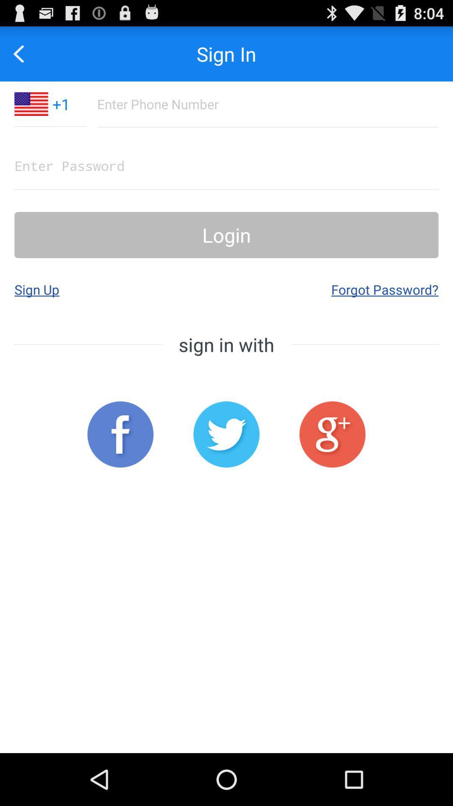 Image resolution: width=453 pixels, height=806 pixels. What do you see at coordinates (226, 434) in the screenshot?
I see `twitter` at bounding box center [226, 434].